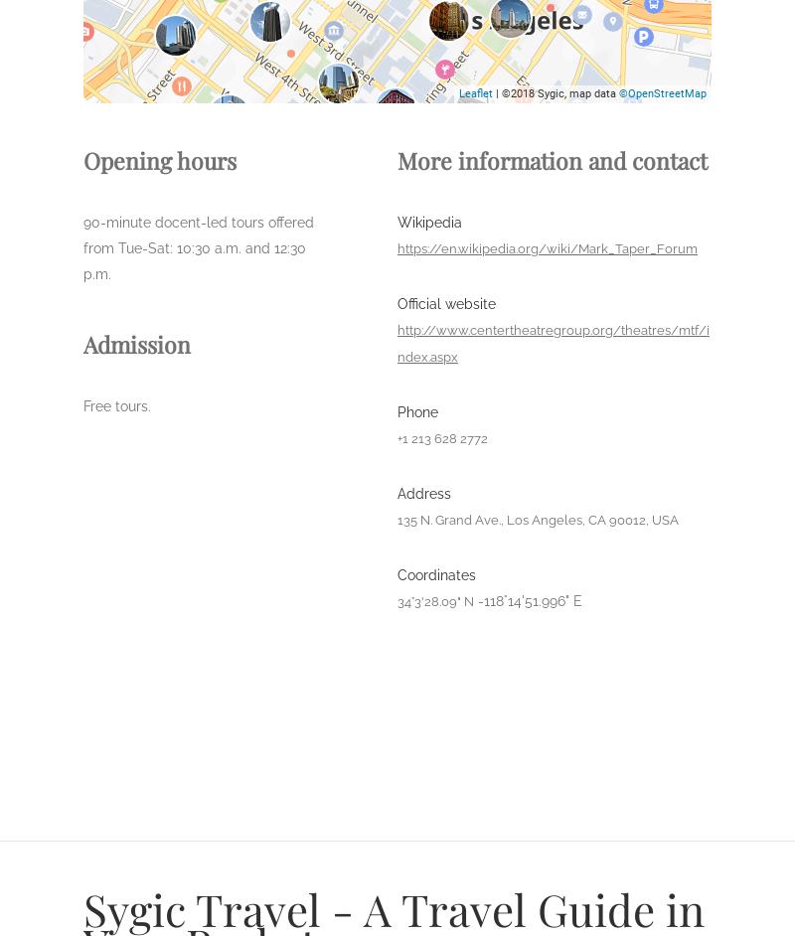 Image resolution: width=795 pixels, height=936 pixels. Describe the element at coordinates (423, 493) in the screenshot. I see `'Address'` at that location.